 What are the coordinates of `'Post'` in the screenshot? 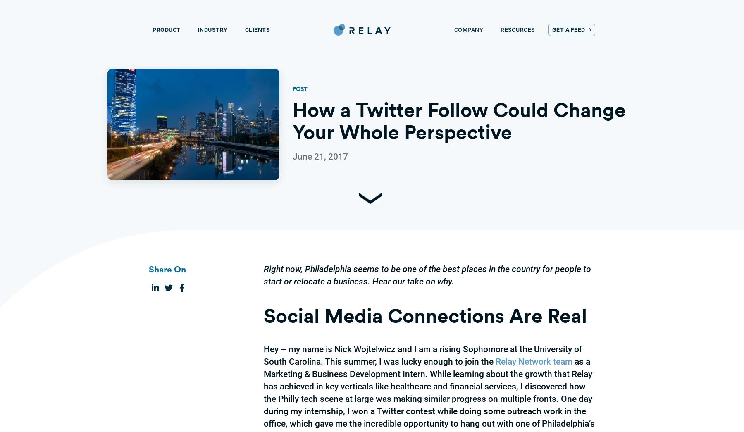 It's located at (299, 88).